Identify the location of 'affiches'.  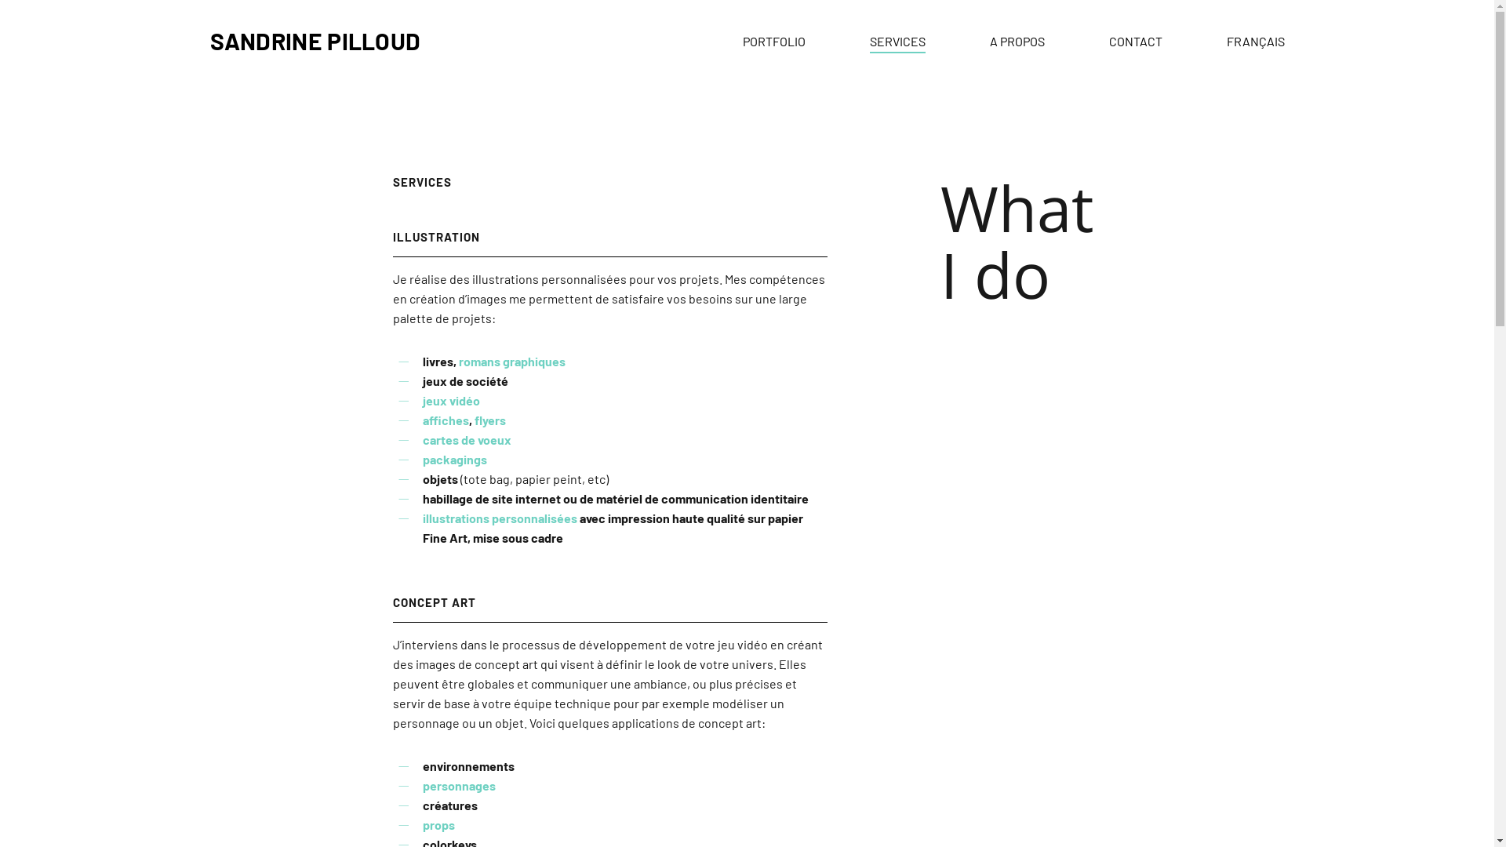
(445, 419).